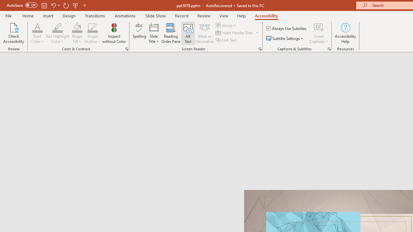 This screenshot has height=232, width=413. I want to click on 'Link Text', so click(227, 40).